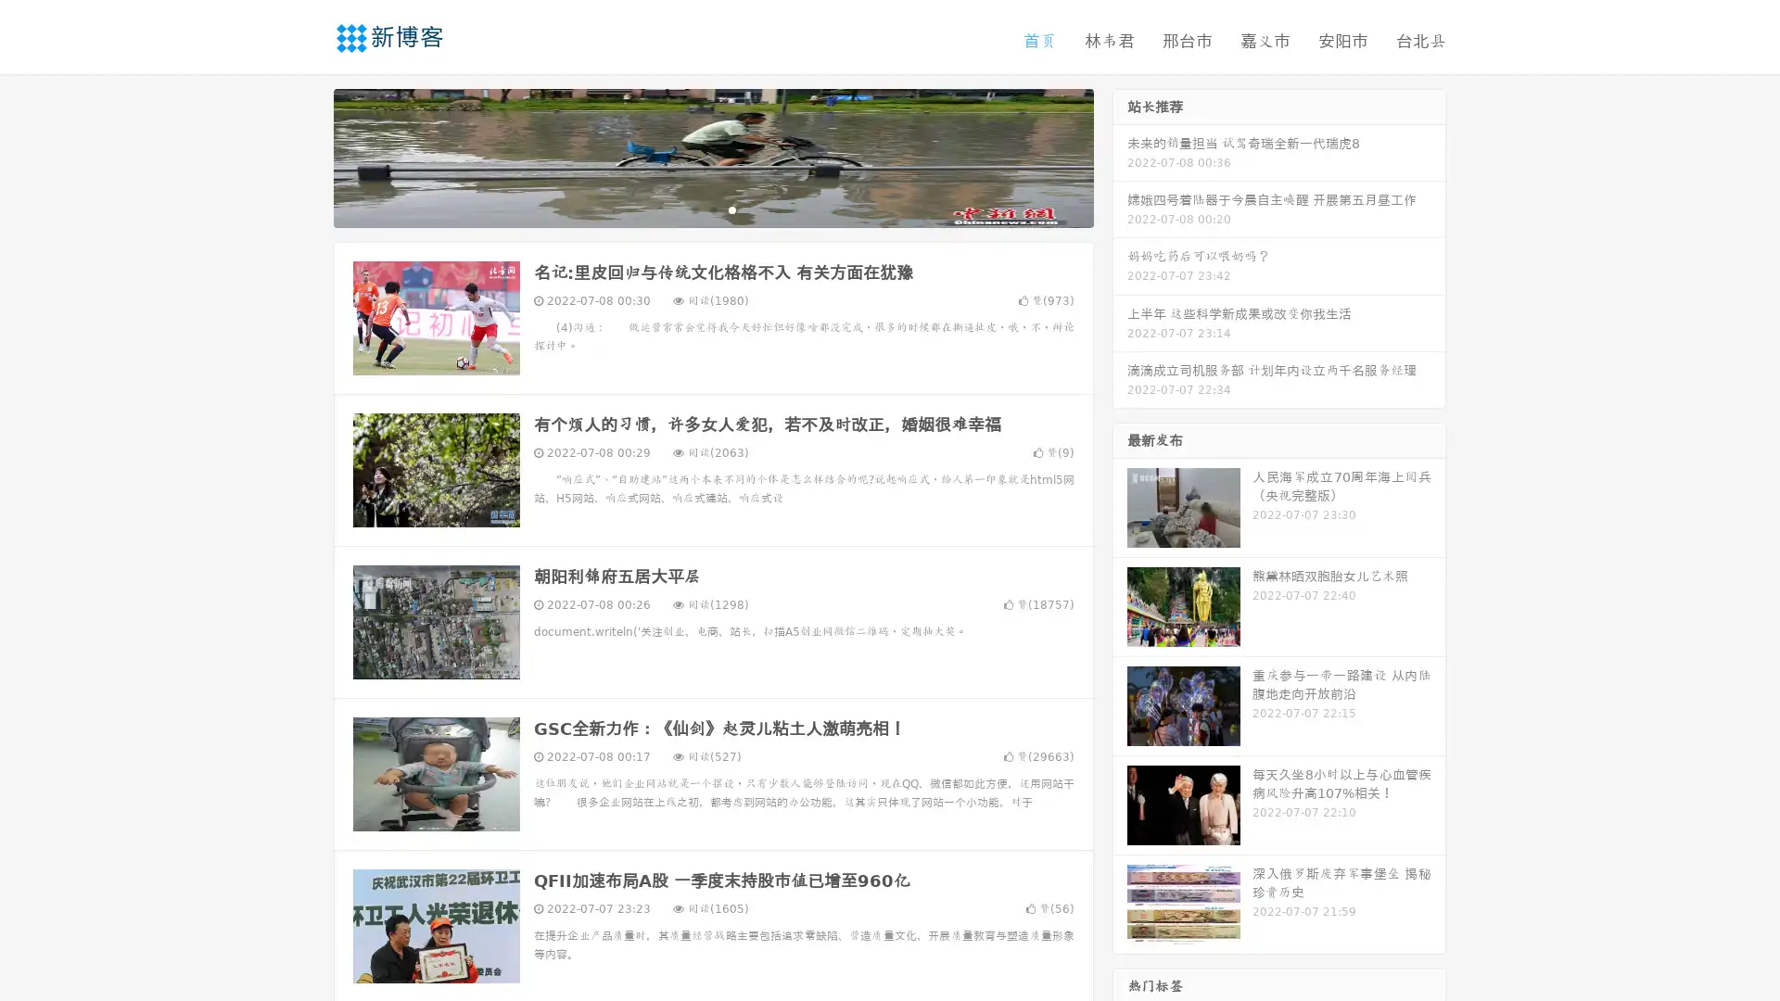 The image size is (1780, 1001). Describe the element at coordinates (731, 209) in the screenshot. I see `Go to slide 3` at that location.